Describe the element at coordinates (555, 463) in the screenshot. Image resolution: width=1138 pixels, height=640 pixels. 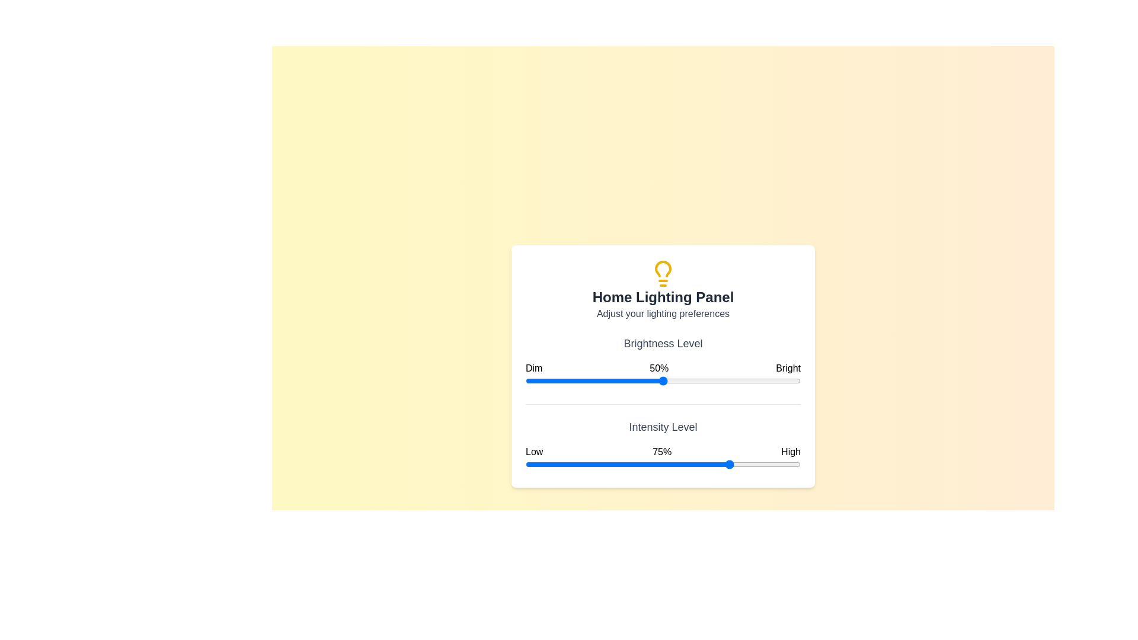
I see `the Intensity Level slider` at that location.